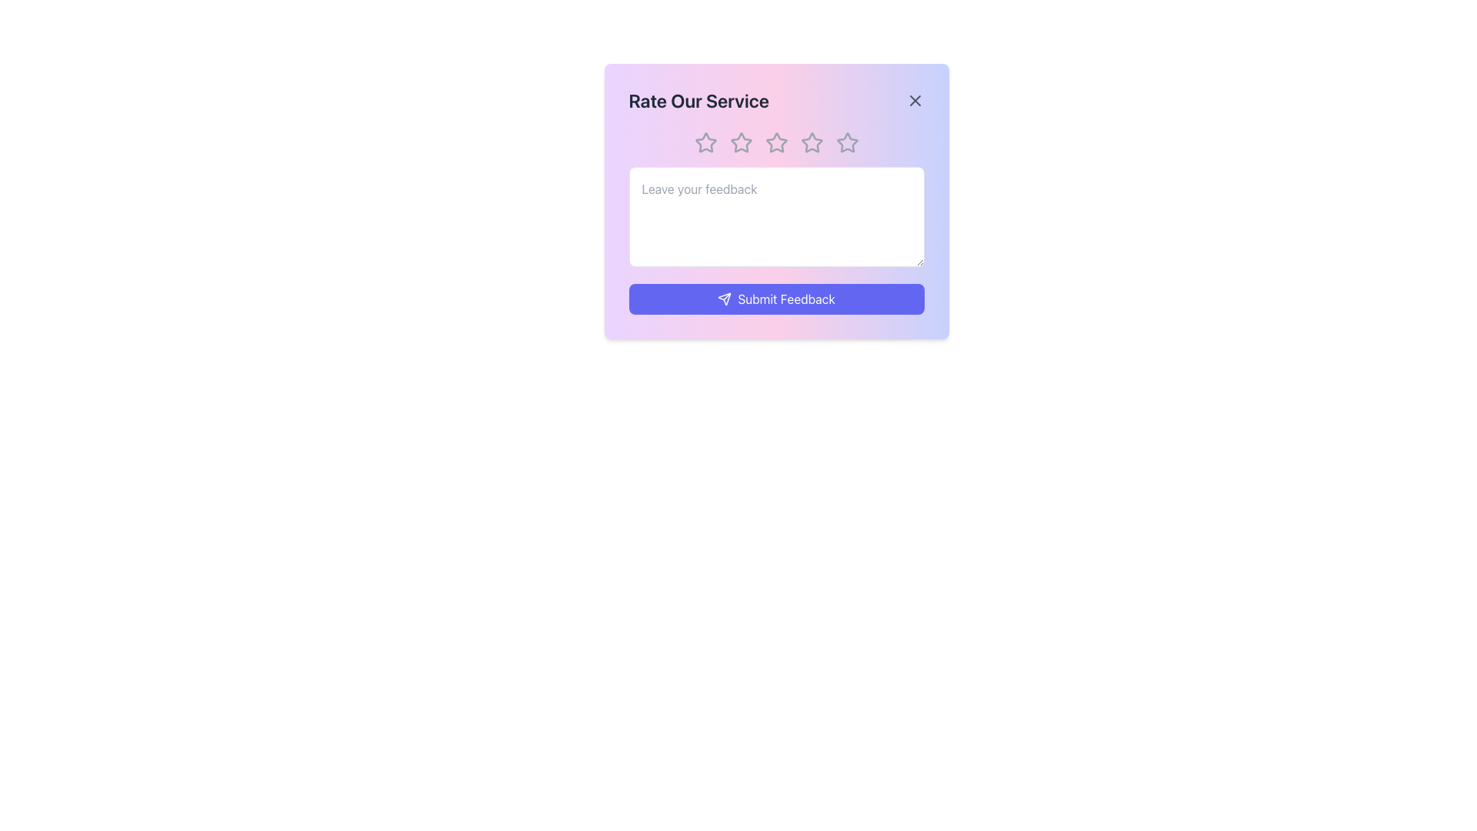  What do you see at coordinates (846, 142) in the screenshot?
I see `the fifth Interactive Rating Star Icon, which is styled with a gray outline and turns yellow on hover` at bounding box center [846, 142].